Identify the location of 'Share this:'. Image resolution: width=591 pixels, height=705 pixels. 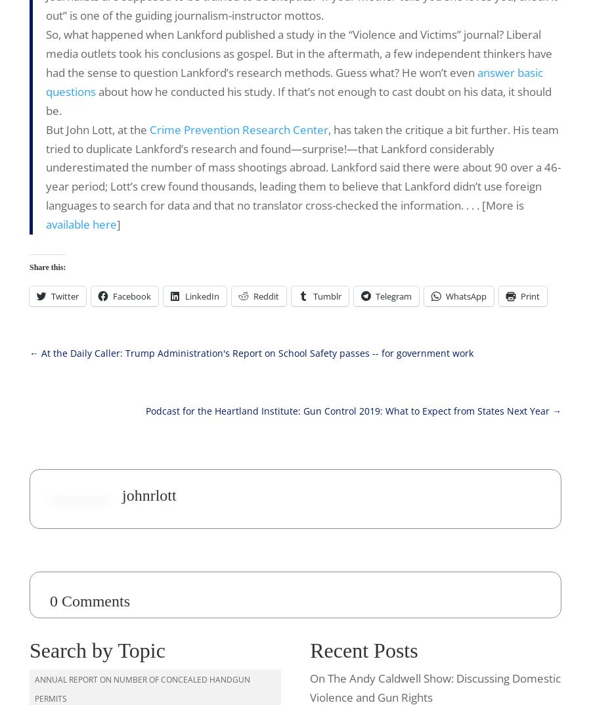
(47, 266).